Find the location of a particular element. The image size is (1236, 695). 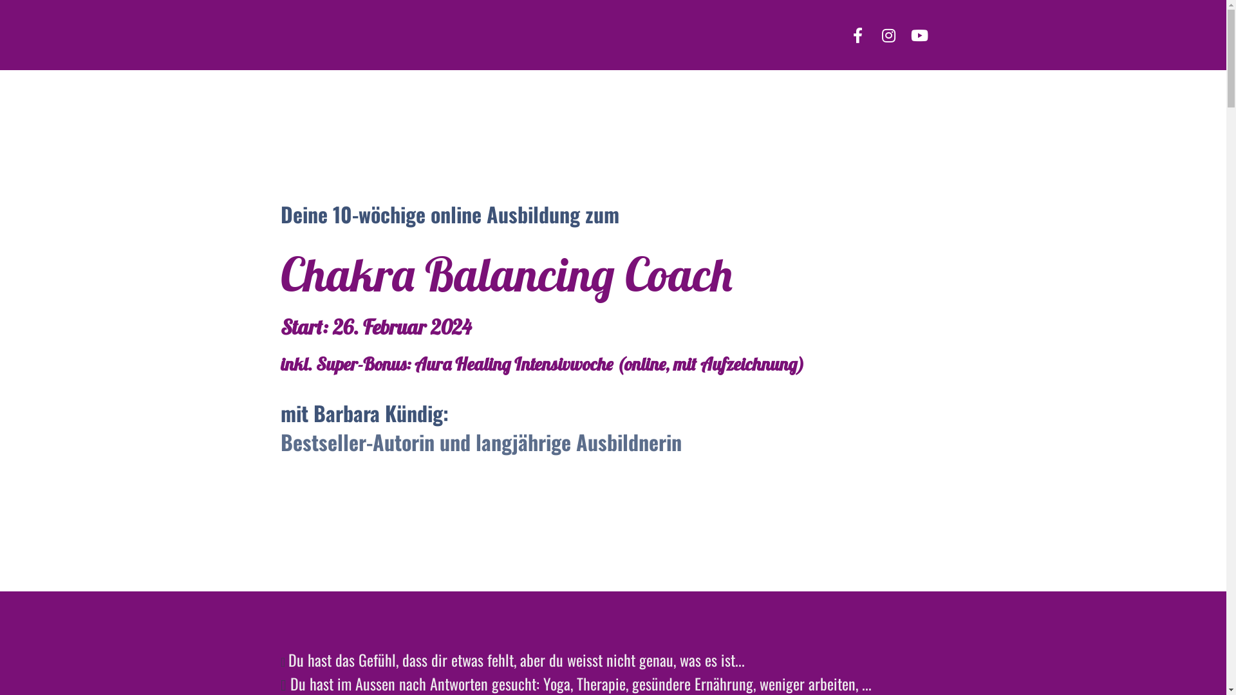

'Share on Facebook' is located at coordinates (857, 34).